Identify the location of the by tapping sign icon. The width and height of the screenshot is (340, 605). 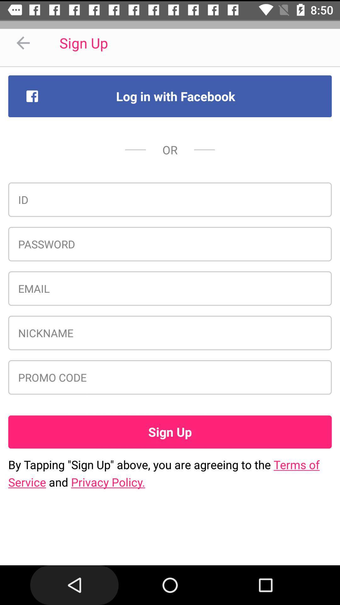
(170, 473).